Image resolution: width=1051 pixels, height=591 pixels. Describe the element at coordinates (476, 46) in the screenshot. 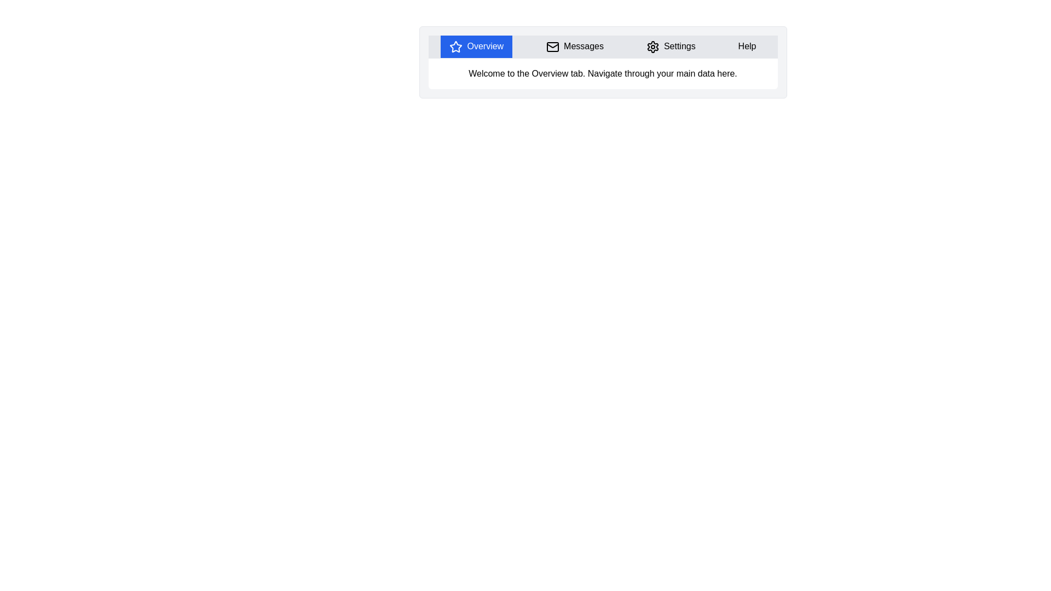

I see `the tab labeled Overview to observe its hover effects` at that location.